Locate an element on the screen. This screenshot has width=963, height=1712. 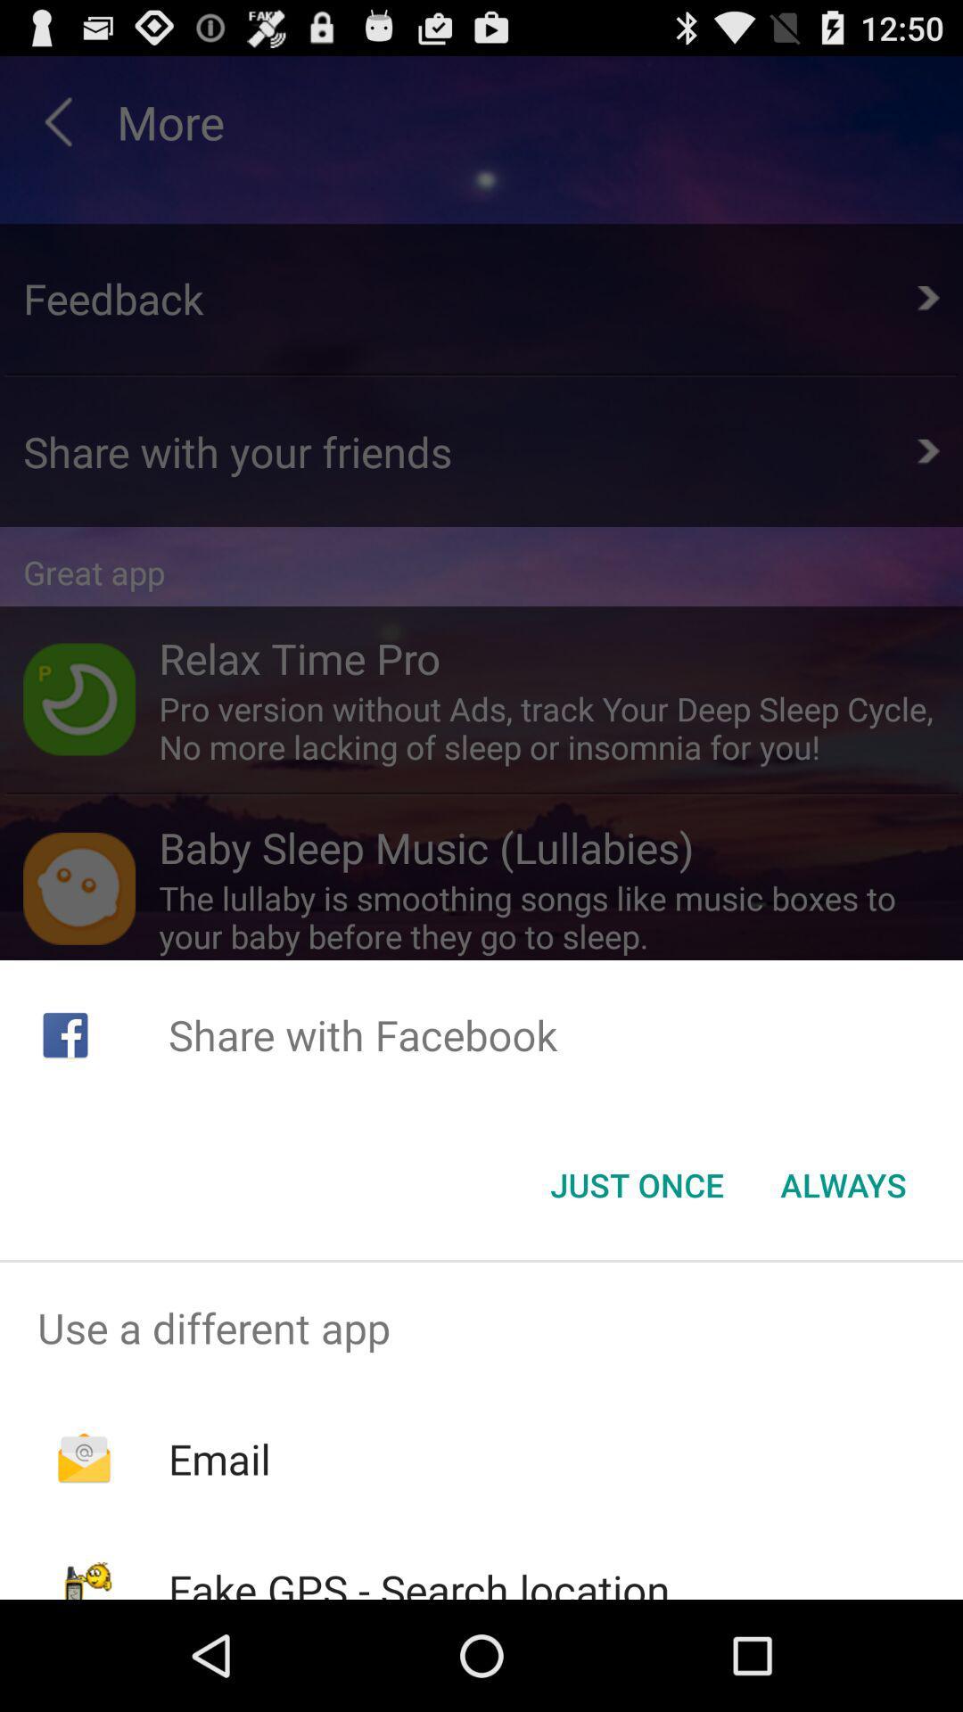
email item is located at coordinates (218, 1459).